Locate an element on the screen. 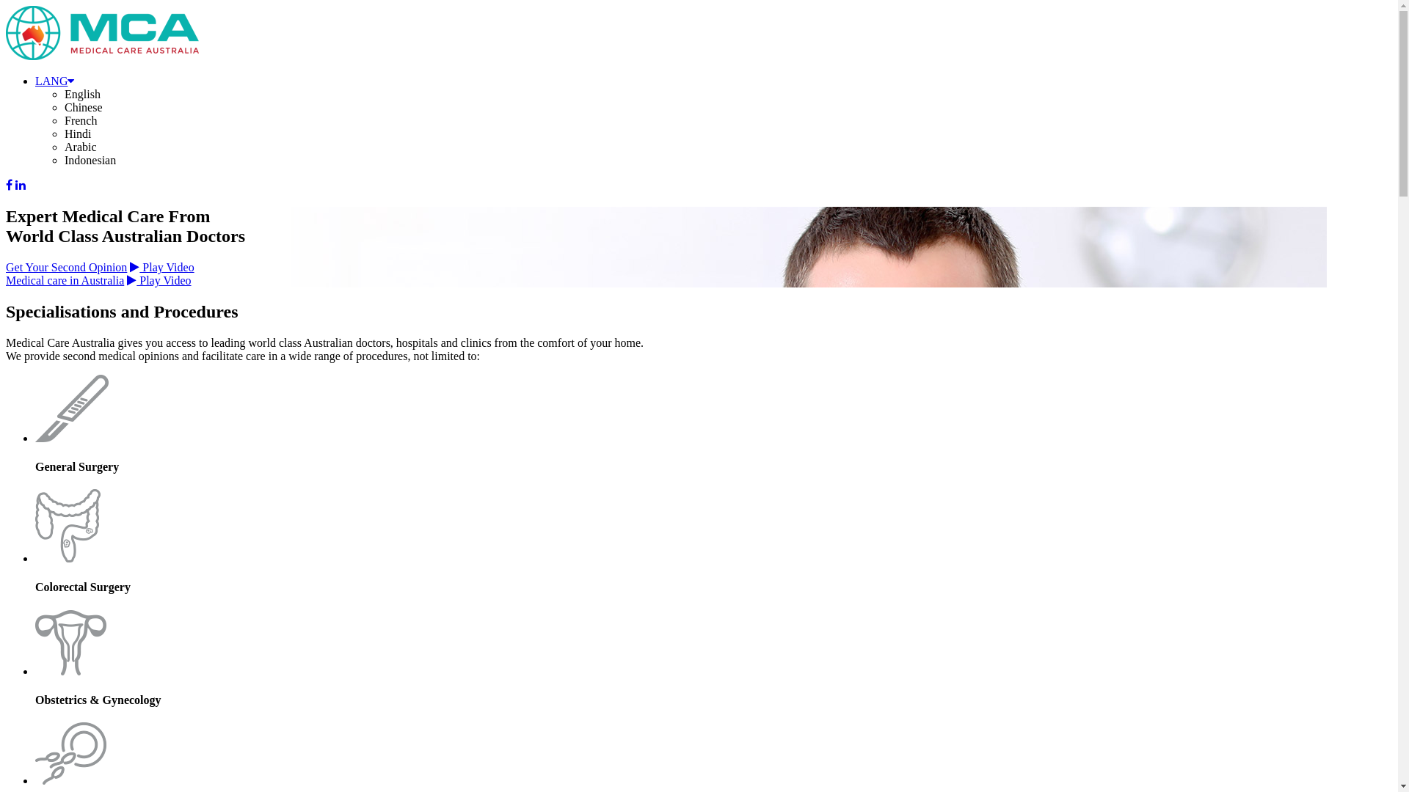  'Indonesian' is located at coordinates (63, 160).